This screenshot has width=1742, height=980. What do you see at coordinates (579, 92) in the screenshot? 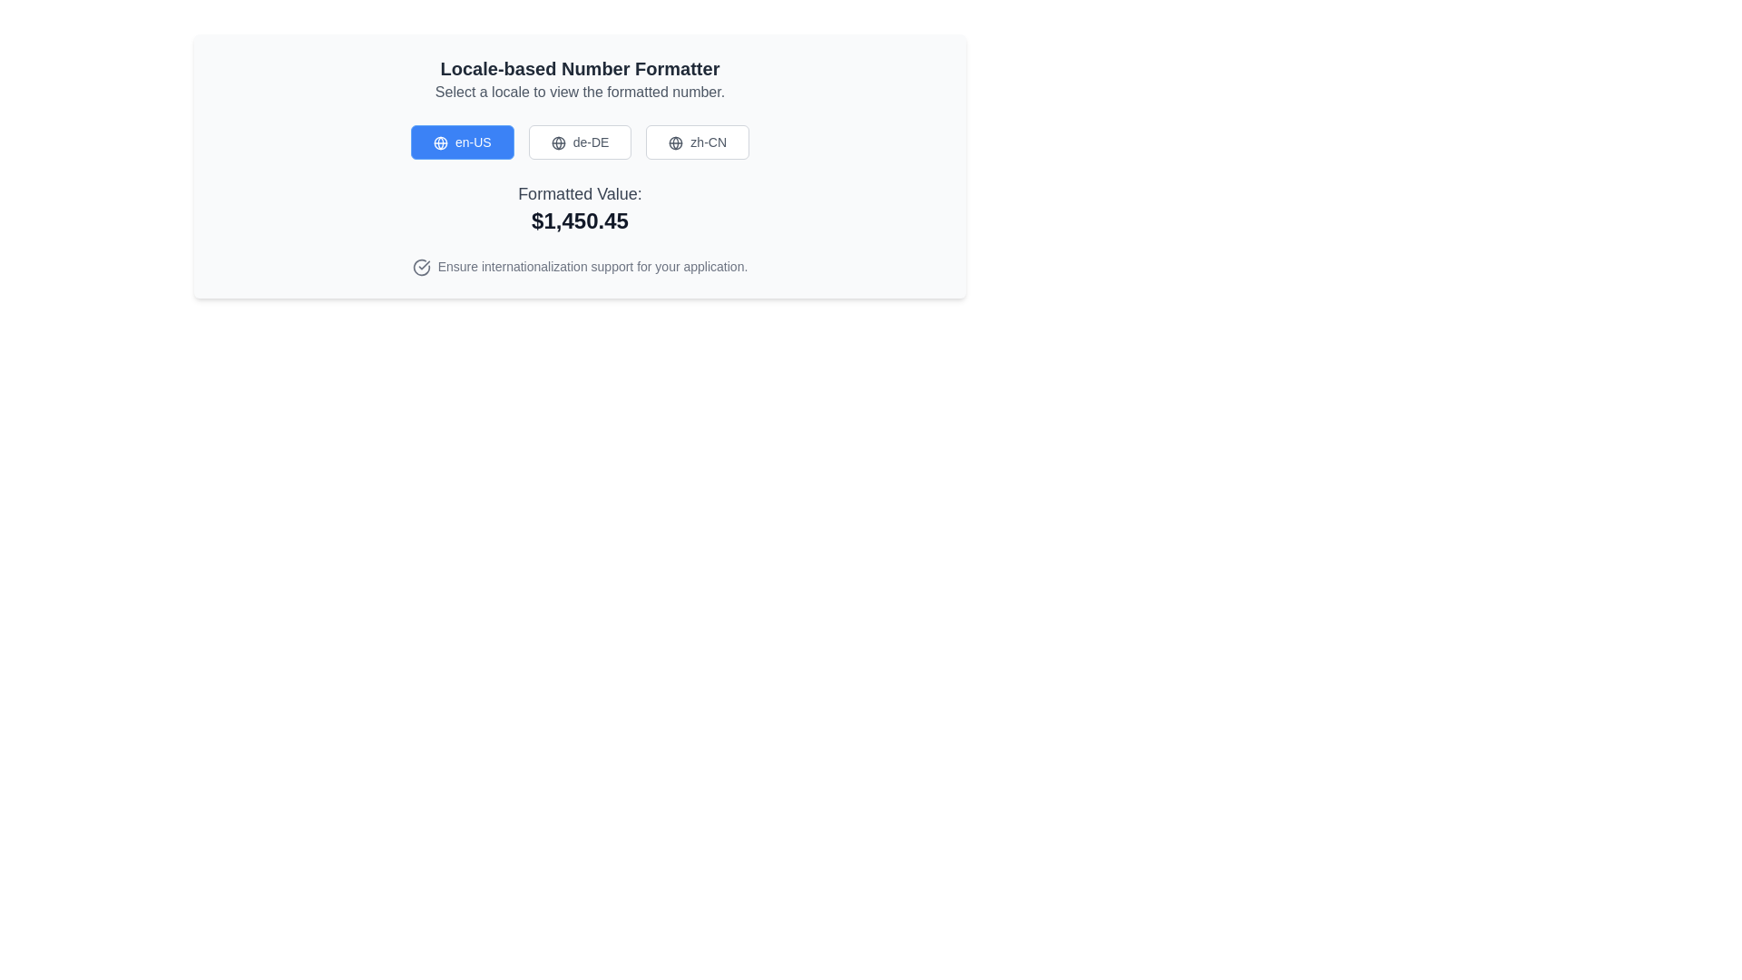
I see `the text label that provides instructions for selecting a locale to observe formatted numerical data, located below the header 'Locale-based Number Formatter'` at bounding box center [579, 92].